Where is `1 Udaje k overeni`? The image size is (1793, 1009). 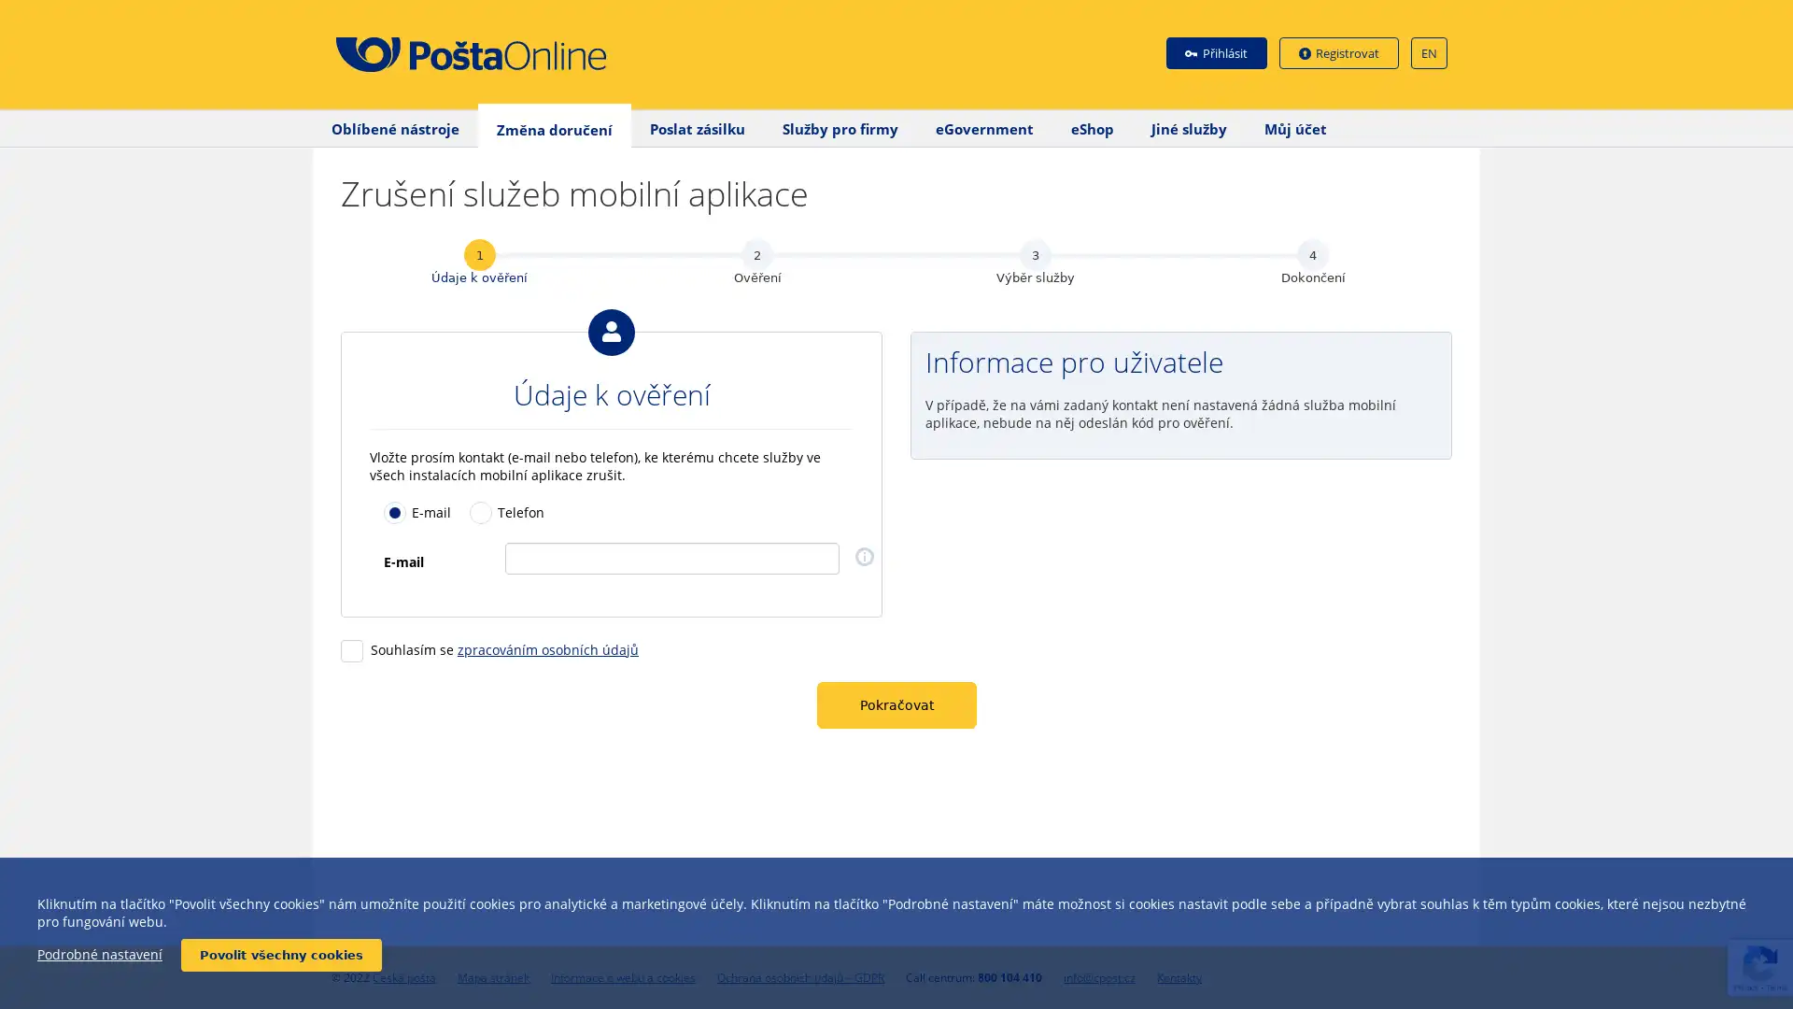 1 Udaje k overeni is located at coordinates (479, 261).